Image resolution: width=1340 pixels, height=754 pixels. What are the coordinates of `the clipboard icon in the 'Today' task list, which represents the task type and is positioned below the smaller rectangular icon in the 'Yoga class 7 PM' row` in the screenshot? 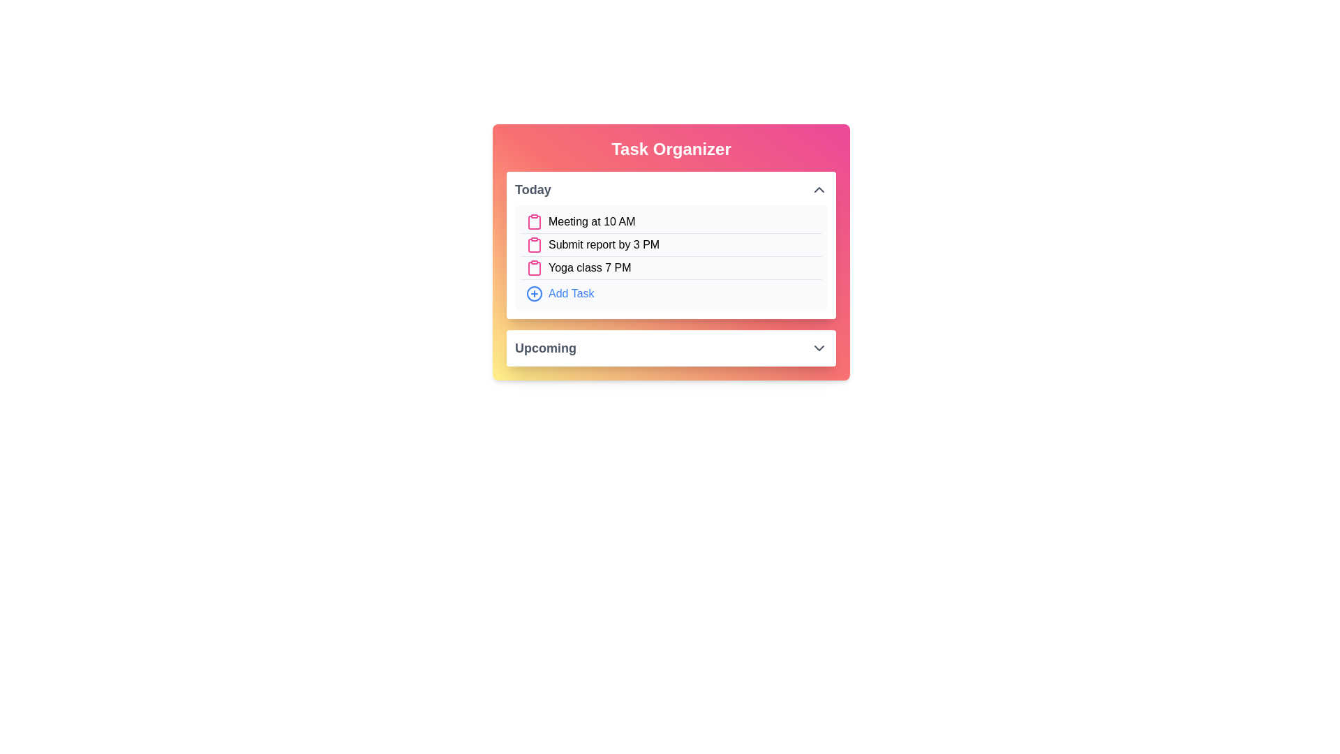 It's located at (534, 269).